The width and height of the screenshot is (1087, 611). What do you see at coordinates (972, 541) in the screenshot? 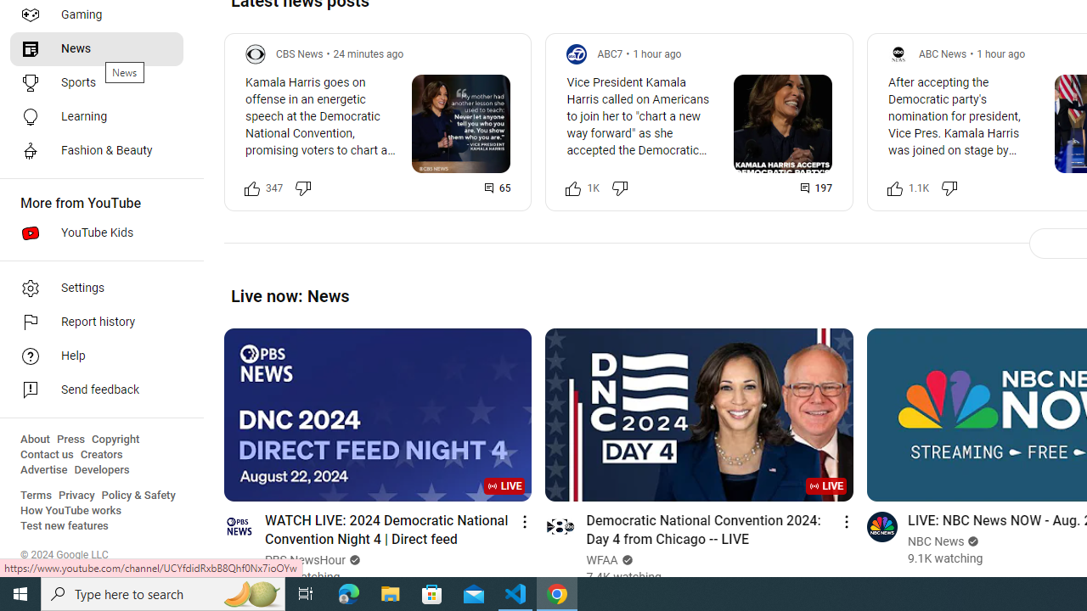
I see `'Verified'` at bounding box center [972, 541].